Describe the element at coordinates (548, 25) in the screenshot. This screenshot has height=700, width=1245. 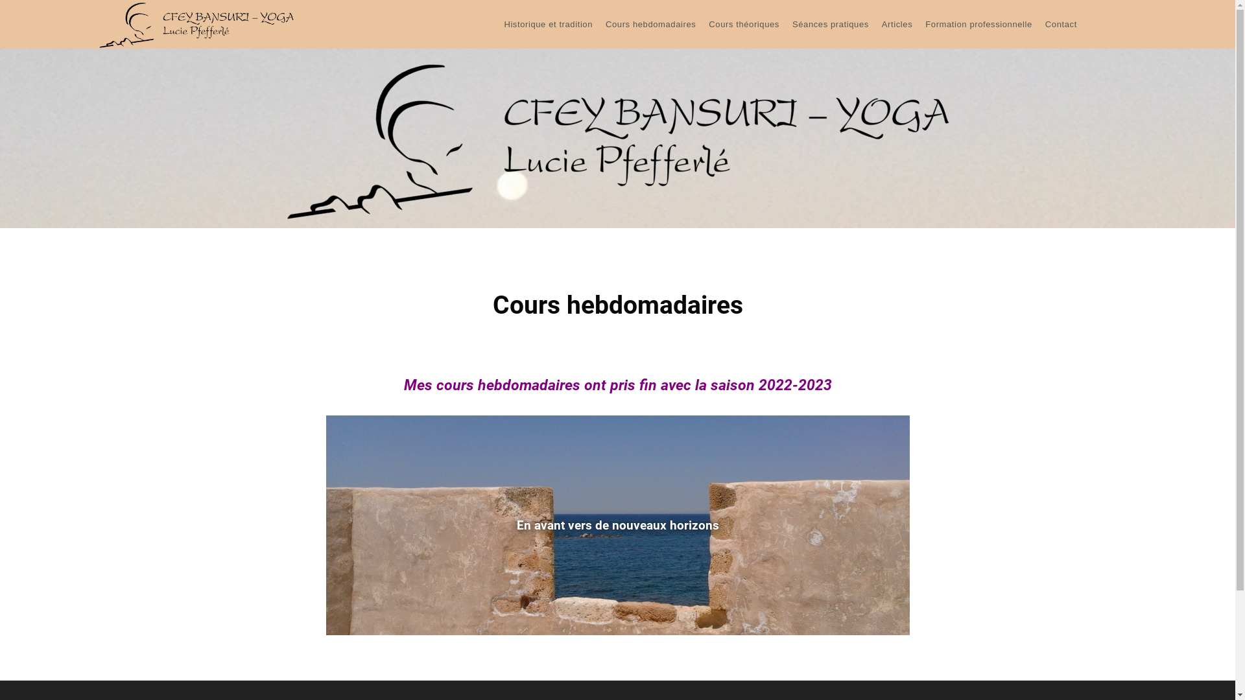
I see `'Historique et tradition'` at that location.